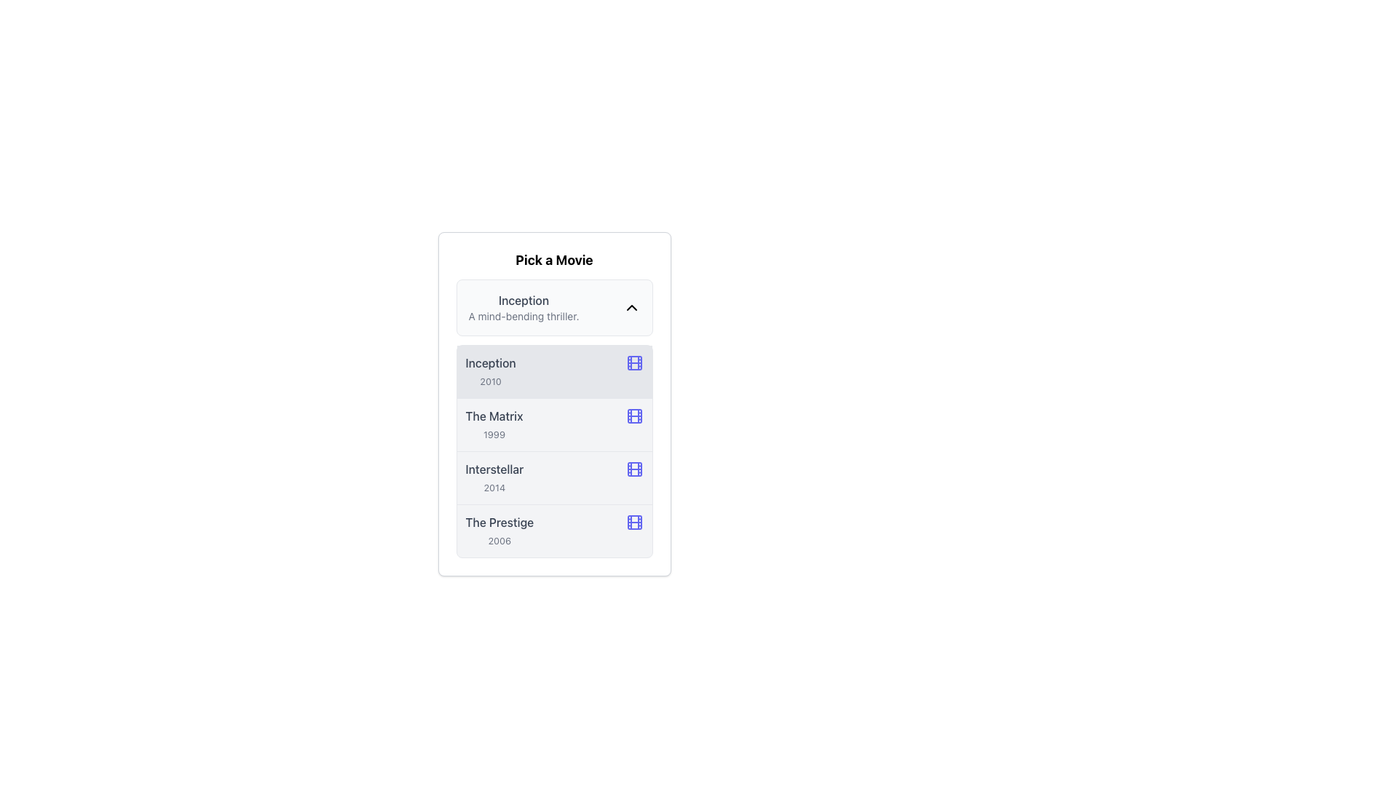 The height and width of the screenshot is (786, 1398). What do you see at coordinates (524, 307) in the screenshot?
I see `displayed movie title 'Inception' and its description 'A mind-bending thriller' from the Text Display element within the 'Pick a Movie' interface` at bounding box center [524, 307].